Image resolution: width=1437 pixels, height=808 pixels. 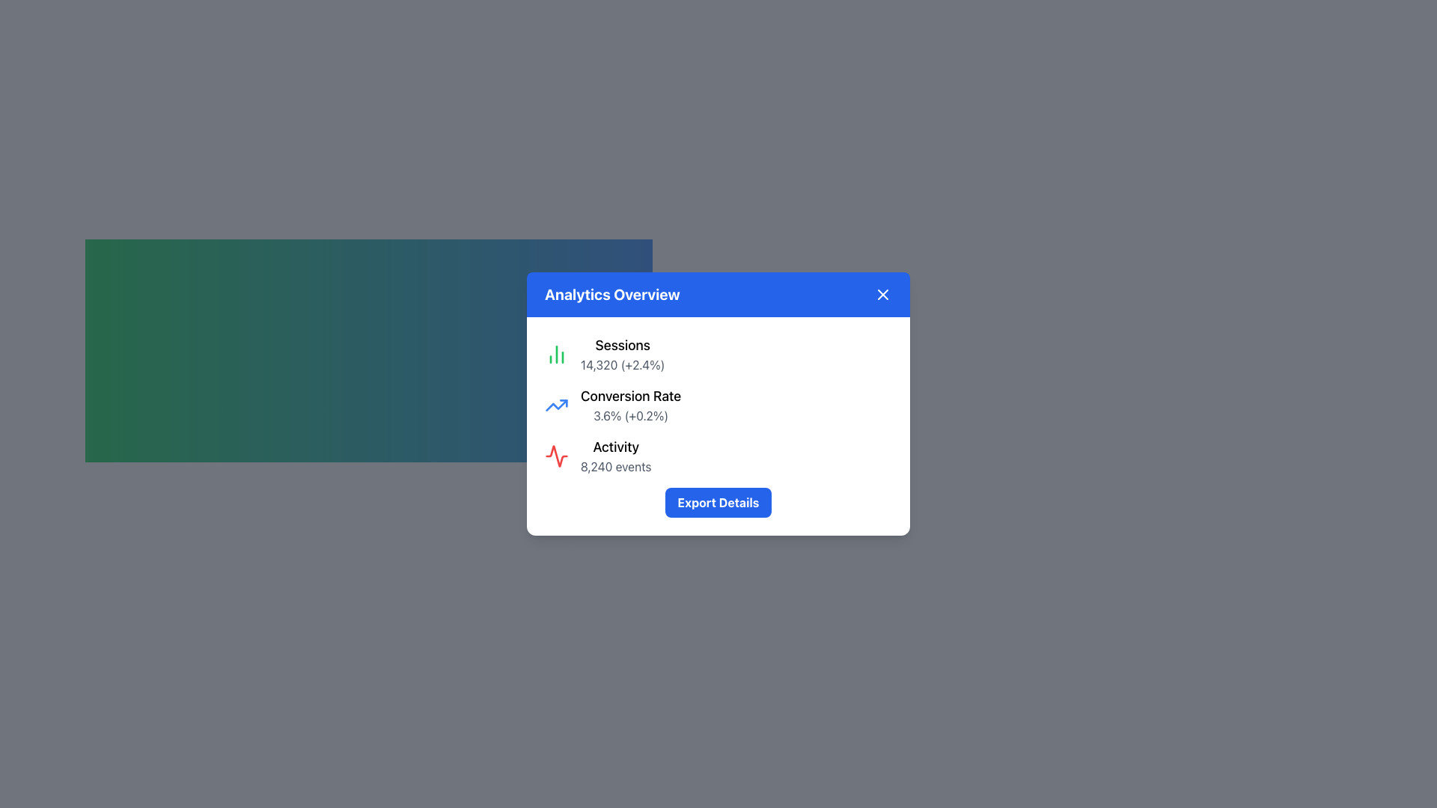 What do you see at coordinates (616, 455) in the screenshot?
I see `the 'Activity' text display element, which contains the bold title 'Activity' and the smaller text '8,240 events', located within the 'Analytics Overview' dialog` at bounding box center [616, 455].